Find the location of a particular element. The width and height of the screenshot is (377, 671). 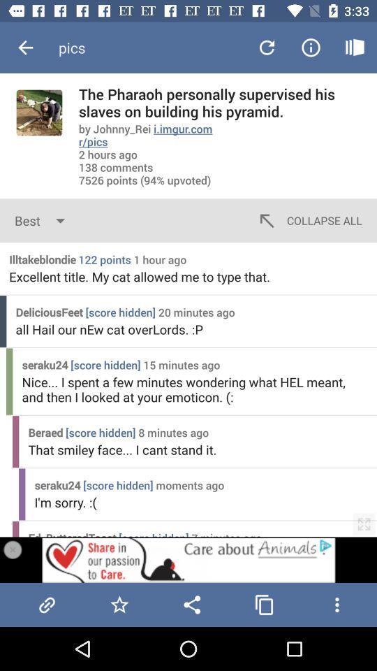

the share icon is located at coordinates (191, 604).